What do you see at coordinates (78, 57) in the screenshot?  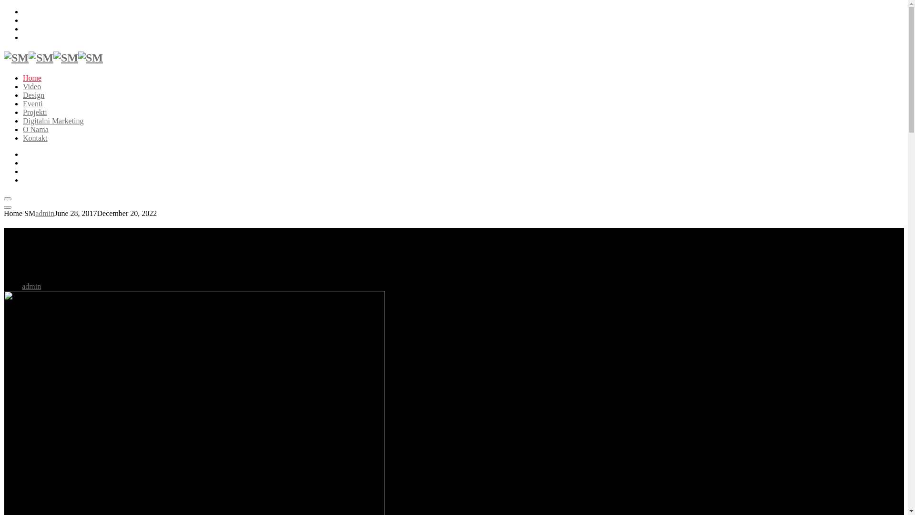 I see `'SM'` at bounding box center [78, 57].